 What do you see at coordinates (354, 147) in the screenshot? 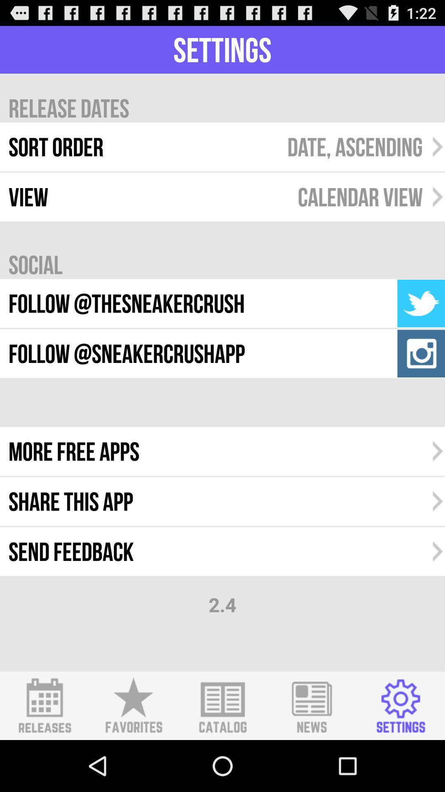
I see `the date, ascending icon` at bounding box center [354, 147].